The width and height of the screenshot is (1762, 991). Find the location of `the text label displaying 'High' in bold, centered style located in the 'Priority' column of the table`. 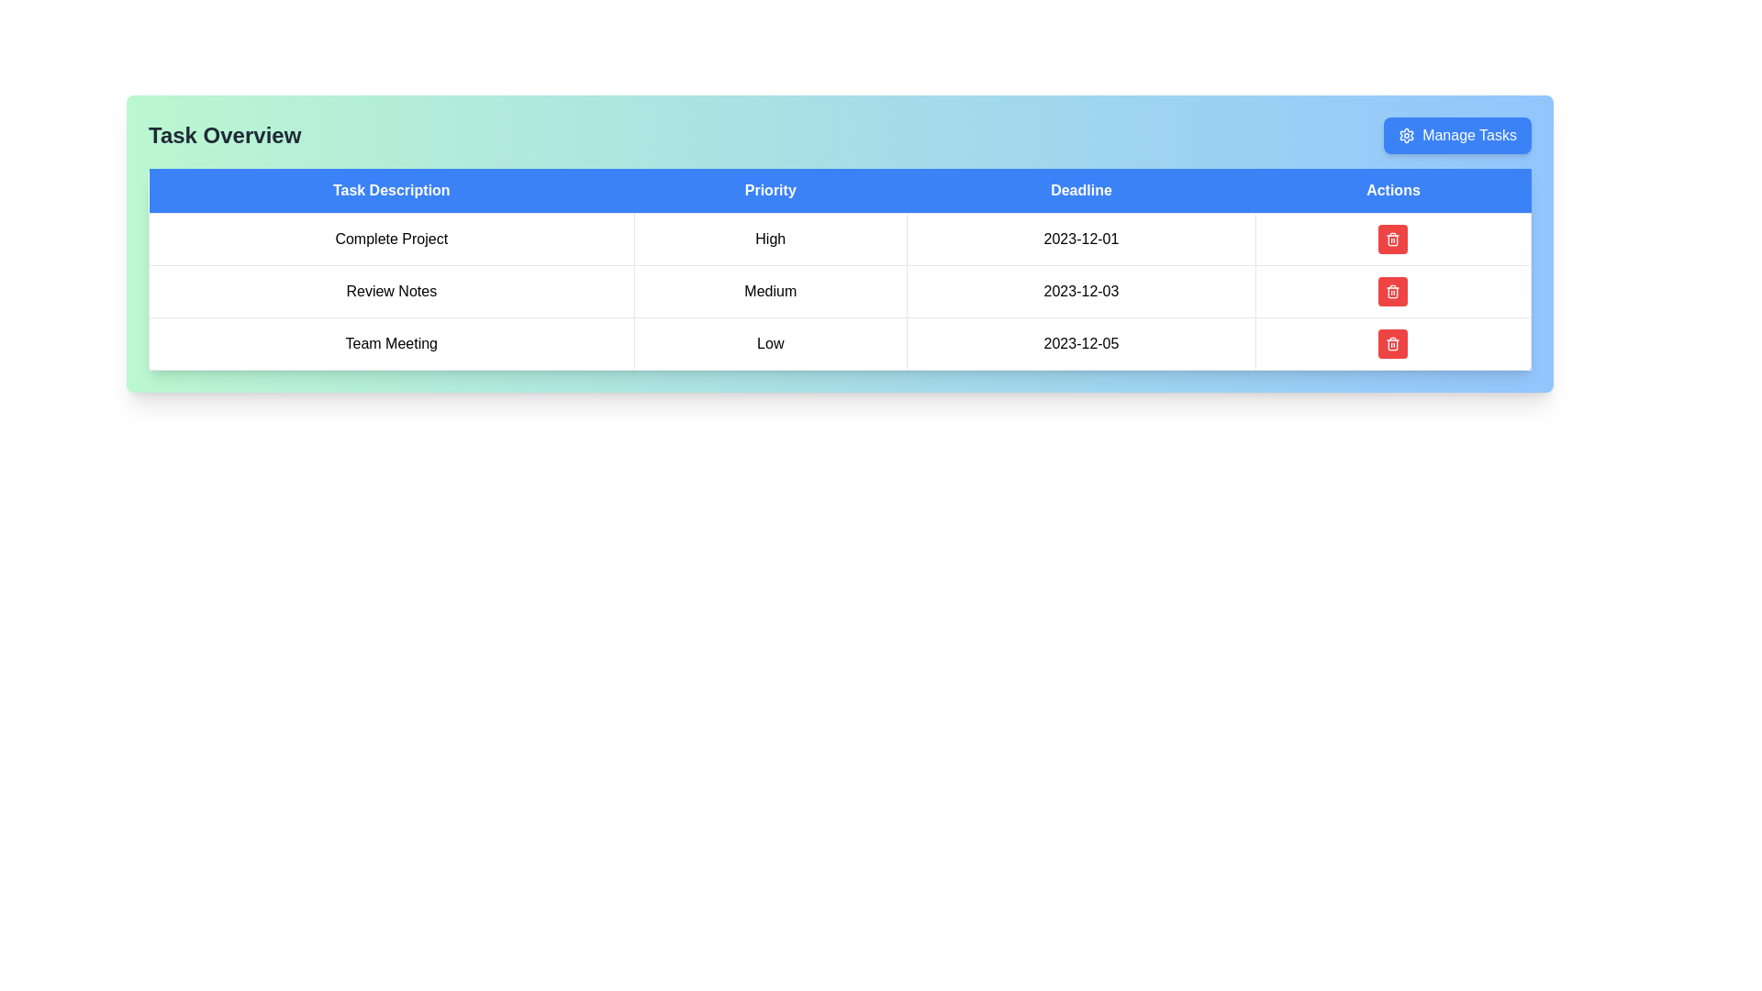

the text label displaying 'High' in bold, centered style located in the 'Priority' column of the table is located at coordinates (770, 239).